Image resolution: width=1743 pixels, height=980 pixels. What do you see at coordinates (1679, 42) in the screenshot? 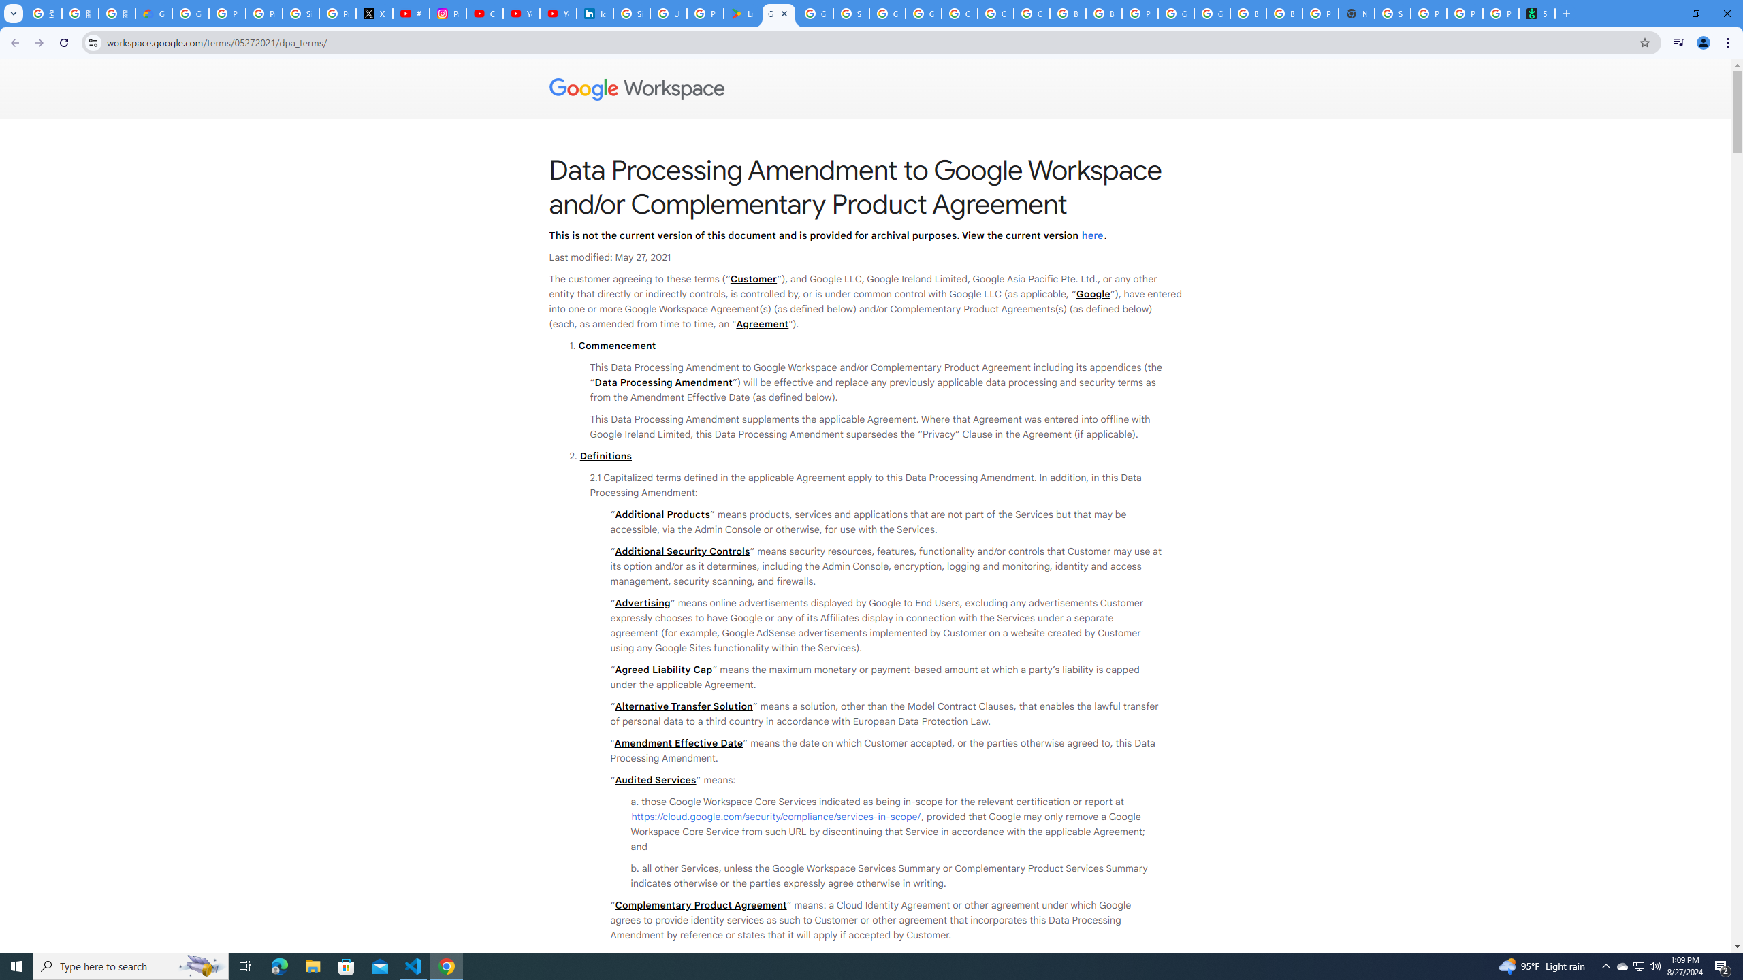
I see `'Control your music, videos, and more'` at bounding box center [1679, 42].